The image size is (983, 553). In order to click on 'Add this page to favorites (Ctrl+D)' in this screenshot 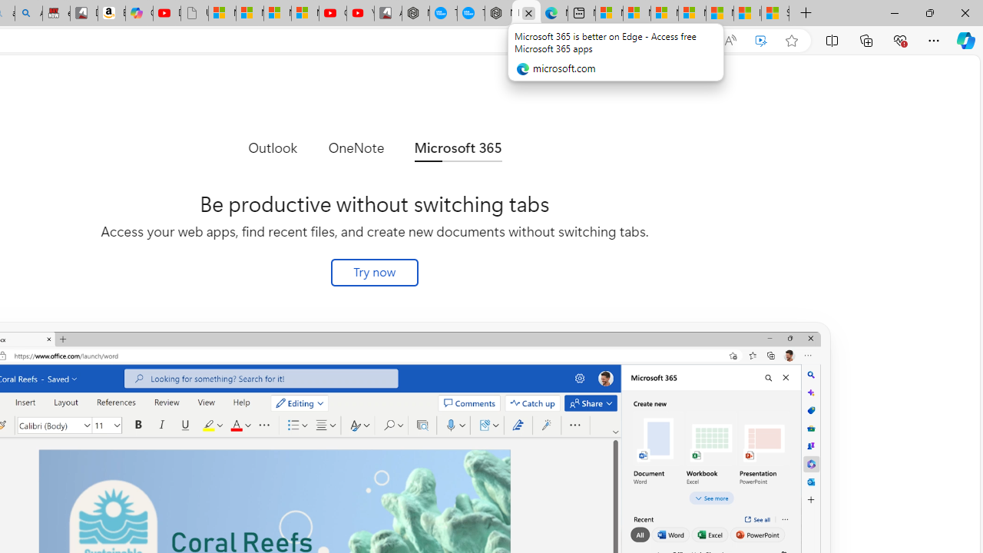, I will do `click(792, 40)`.